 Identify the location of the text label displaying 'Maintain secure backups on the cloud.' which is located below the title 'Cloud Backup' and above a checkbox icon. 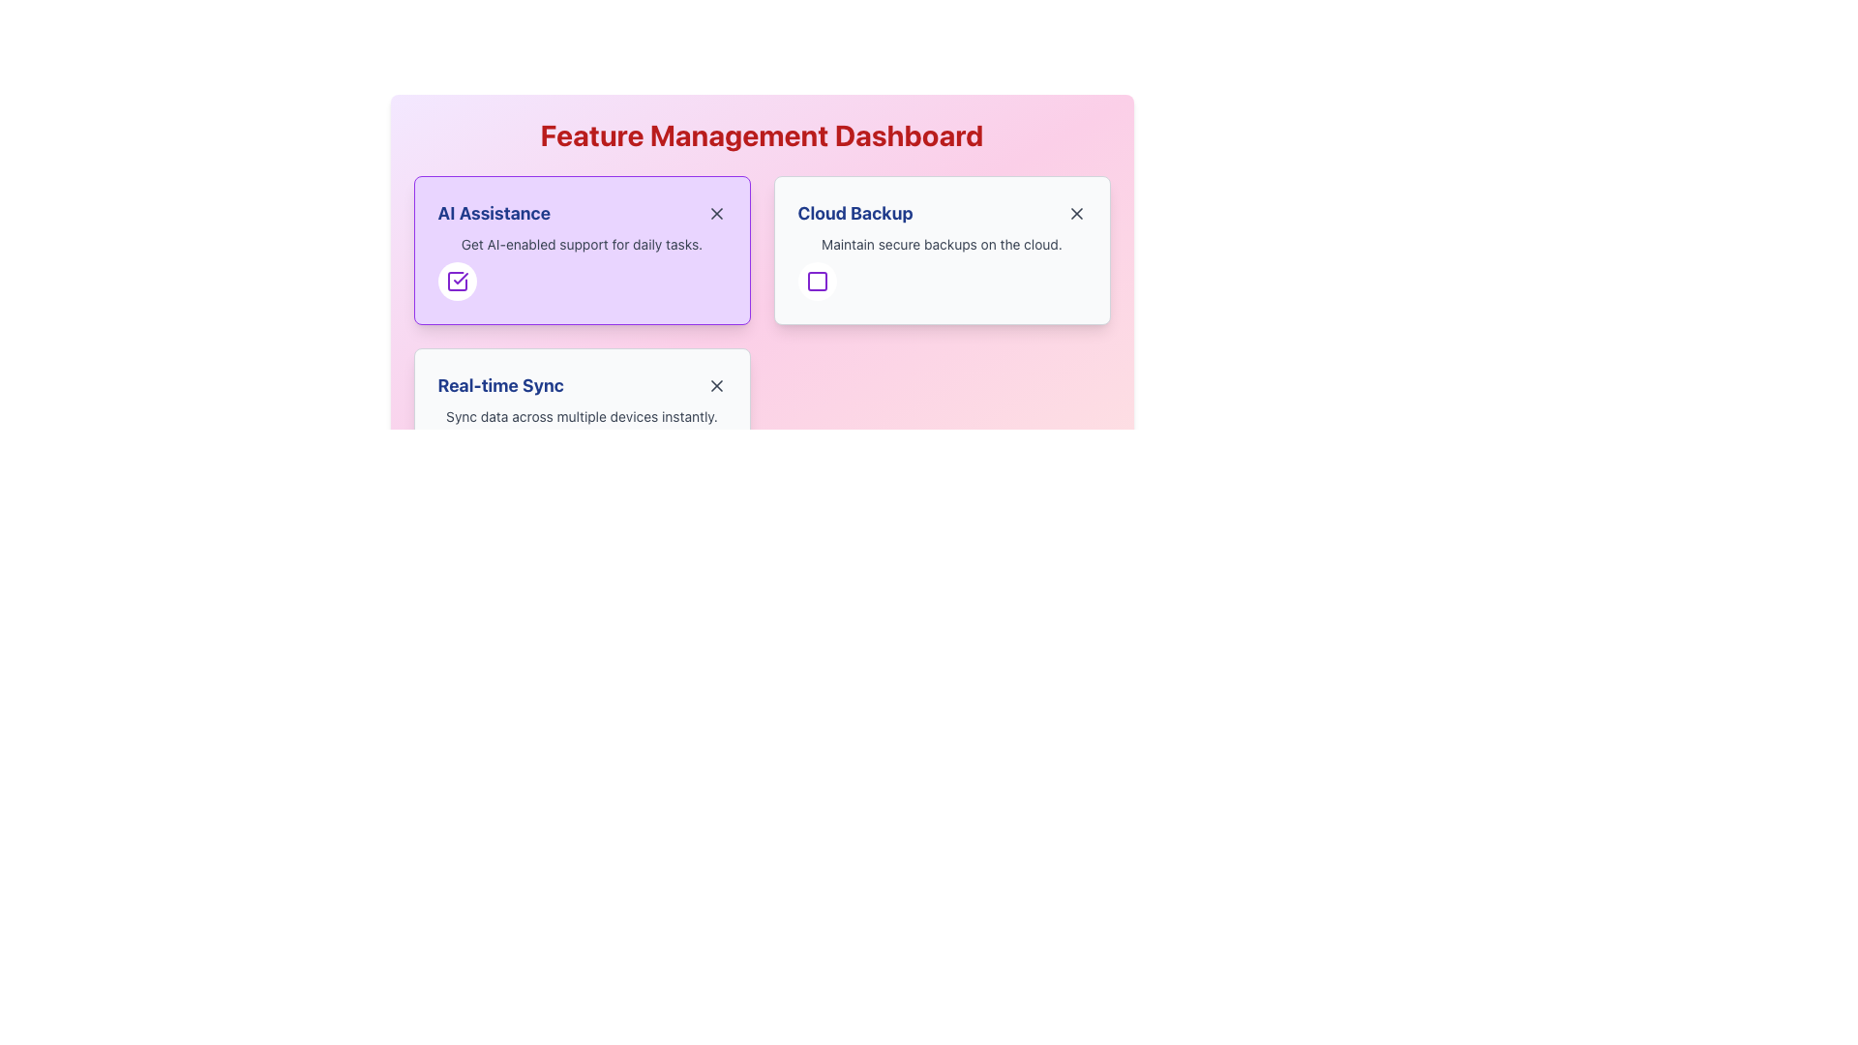
(942, 244).